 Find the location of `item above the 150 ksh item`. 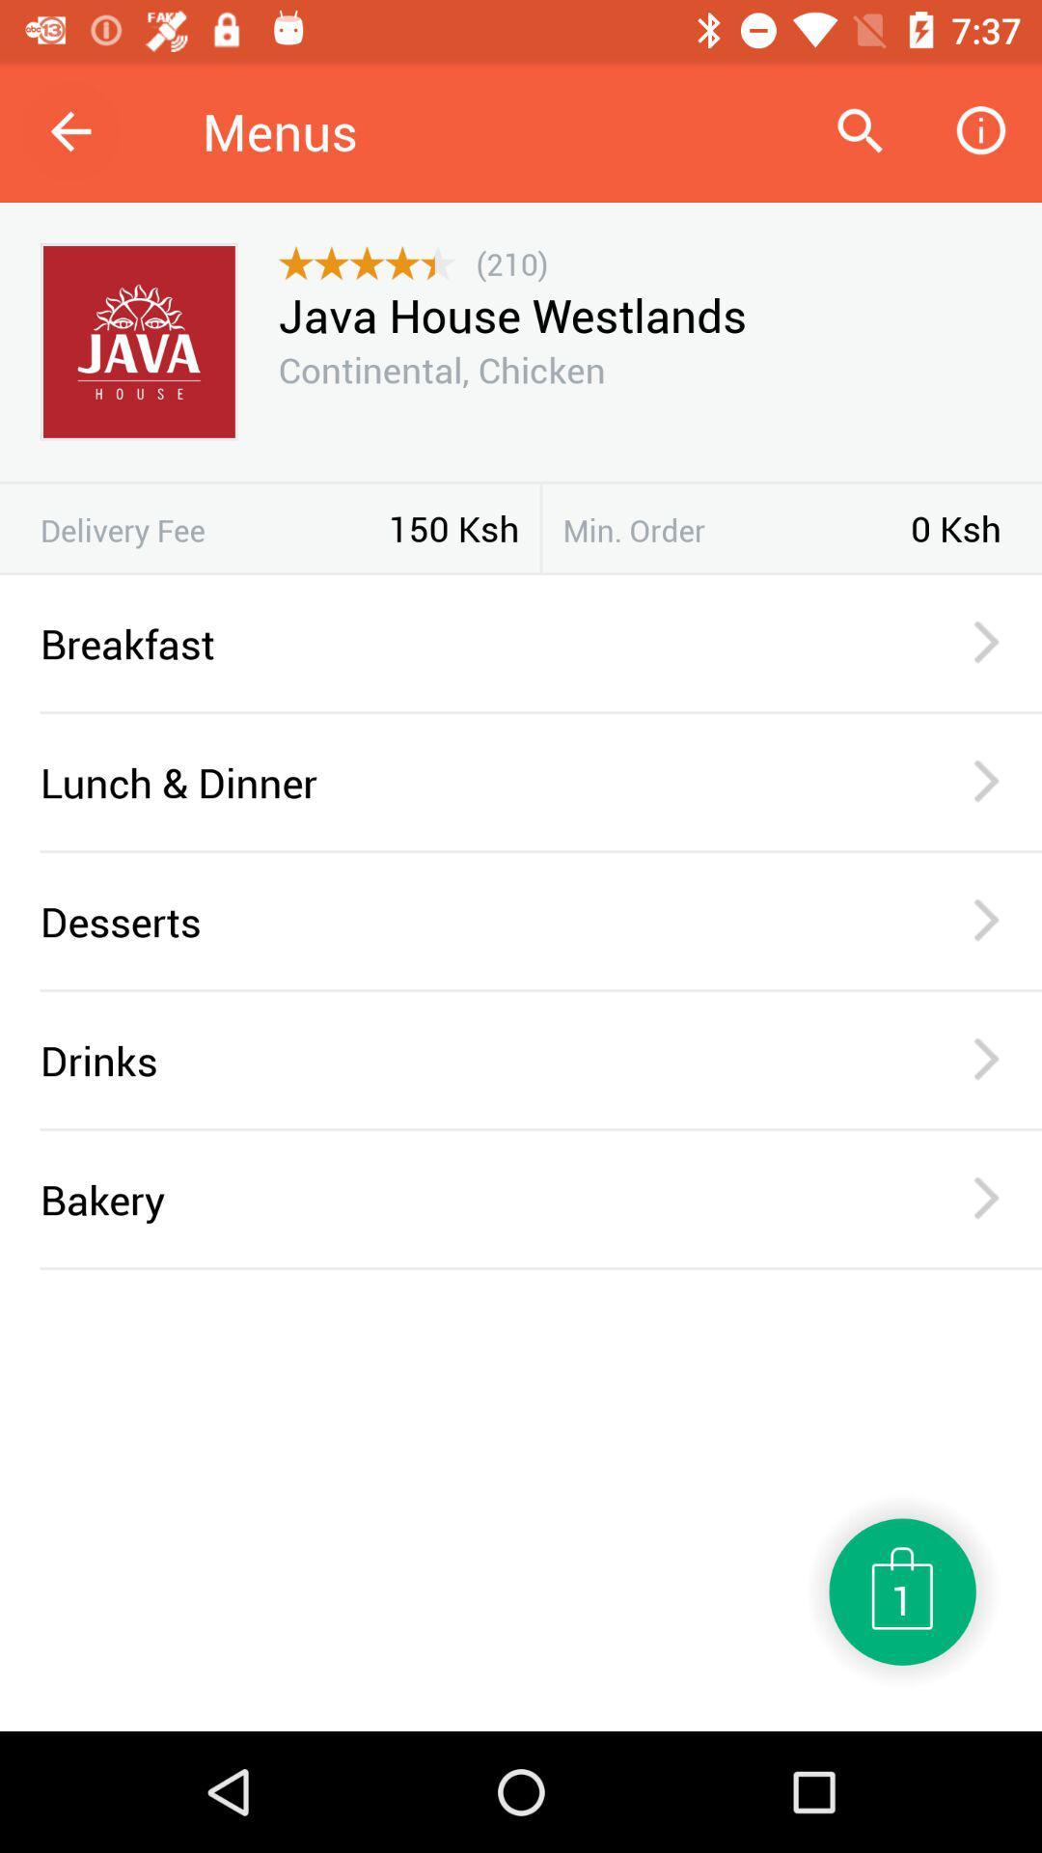

item above the 150 ksh item is located at coordinates (521, 483).